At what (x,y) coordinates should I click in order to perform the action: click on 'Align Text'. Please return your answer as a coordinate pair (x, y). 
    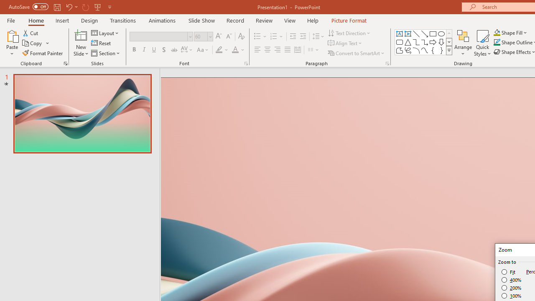
    Looking at the image, I should click on (345, 43).